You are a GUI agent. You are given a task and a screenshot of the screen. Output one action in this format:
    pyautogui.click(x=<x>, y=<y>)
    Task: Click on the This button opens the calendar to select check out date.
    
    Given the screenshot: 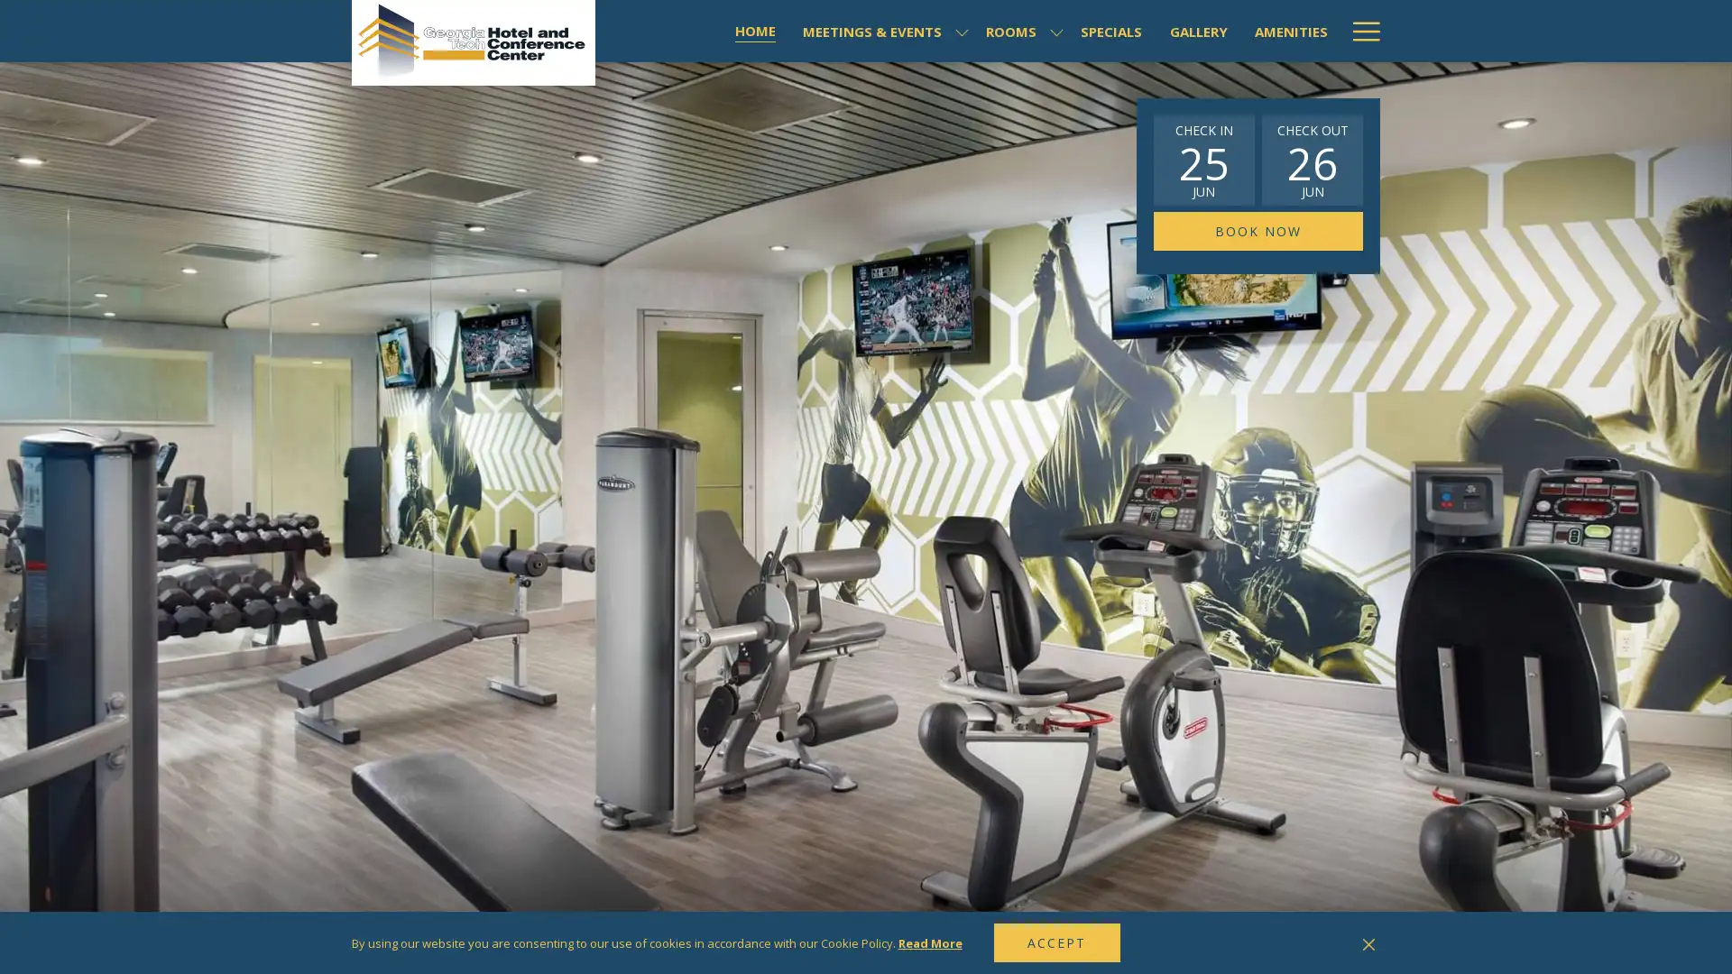 What is the action you would take?
    pyautogui.click(x=1312, y=159)
    